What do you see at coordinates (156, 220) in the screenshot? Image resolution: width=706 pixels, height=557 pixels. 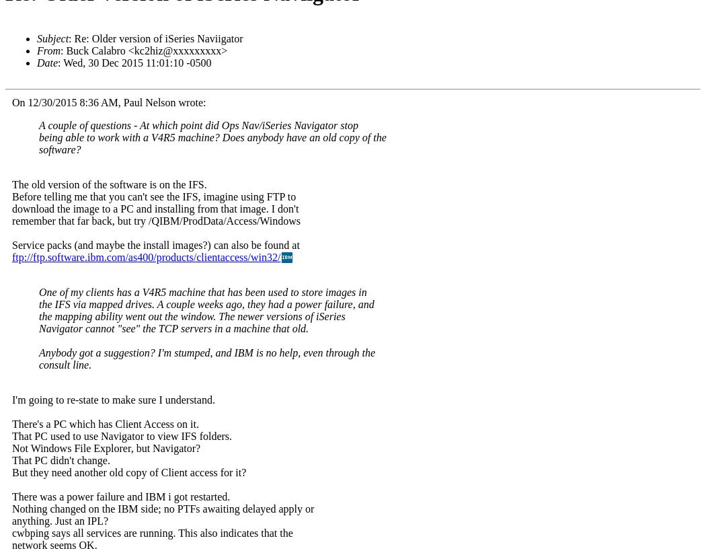 I see `'remember that far back, but try /QIBM/ProdData/Access/Windows'` at bounding box center [156, 220].